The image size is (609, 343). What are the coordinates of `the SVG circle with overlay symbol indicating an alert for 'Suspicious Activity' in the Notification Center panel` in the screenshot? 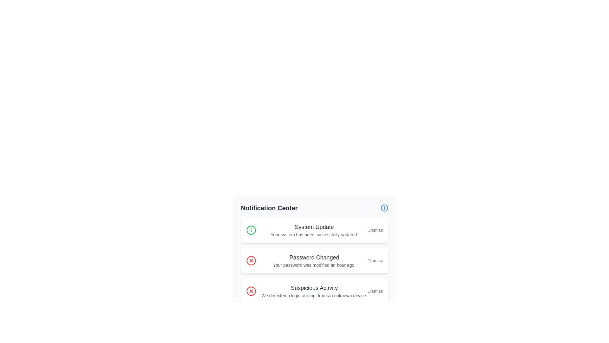 It's located at (251, 291).